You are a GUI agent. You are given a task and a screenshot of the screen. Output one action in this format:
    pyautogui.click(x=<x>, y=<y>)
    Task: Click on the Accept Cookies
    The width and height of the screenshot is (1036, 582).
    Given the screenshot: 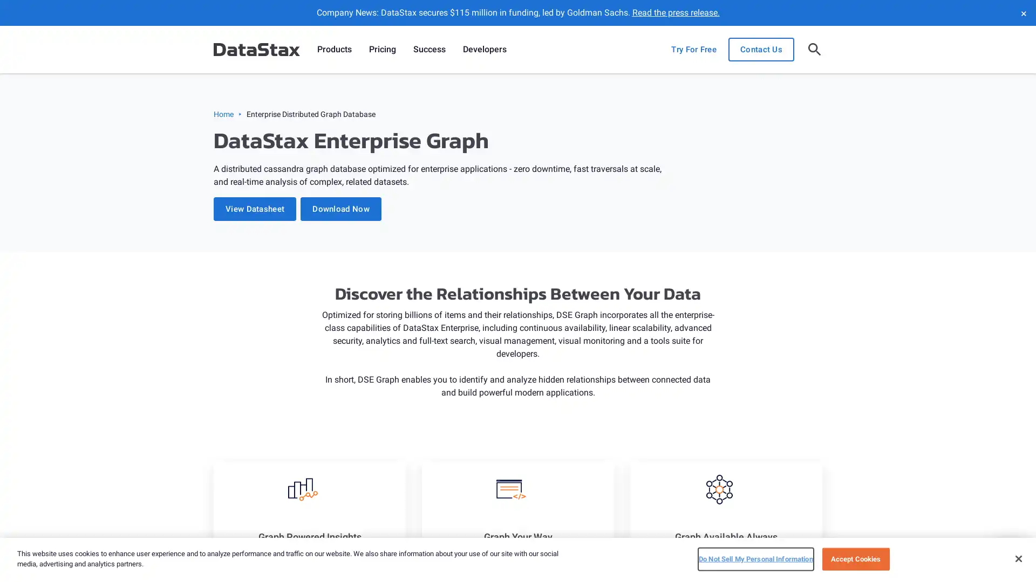 What is the action you would take?
    pyautogui.click(x=855, y=558)
    